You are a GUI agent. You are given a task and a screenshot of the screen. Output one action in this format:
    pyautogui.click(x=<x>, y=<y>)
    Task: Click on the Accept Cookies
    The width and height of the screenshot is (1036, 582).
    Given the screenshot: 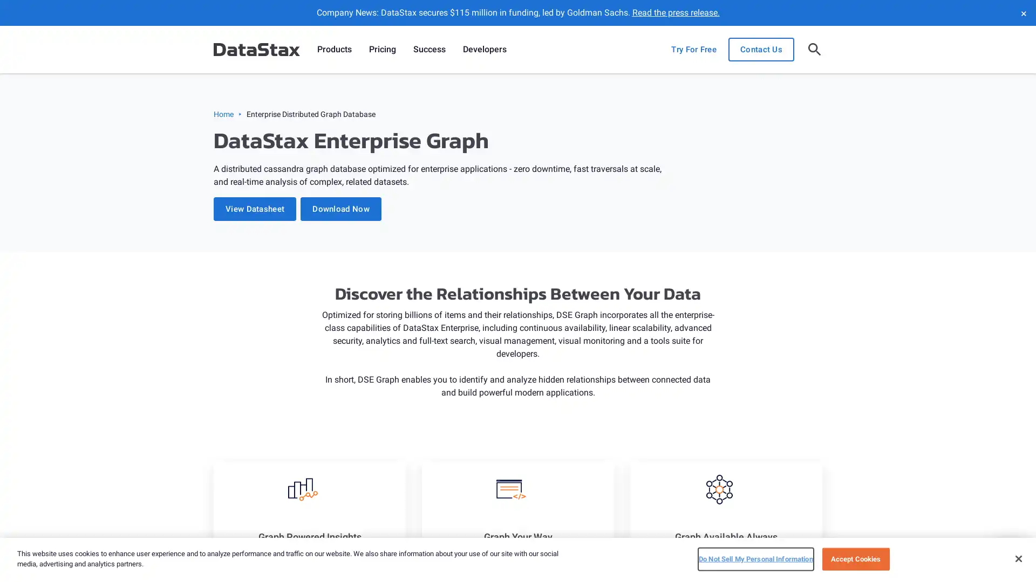 What is the action you would take?
    pyautogui.click(x=855, y=558)
    